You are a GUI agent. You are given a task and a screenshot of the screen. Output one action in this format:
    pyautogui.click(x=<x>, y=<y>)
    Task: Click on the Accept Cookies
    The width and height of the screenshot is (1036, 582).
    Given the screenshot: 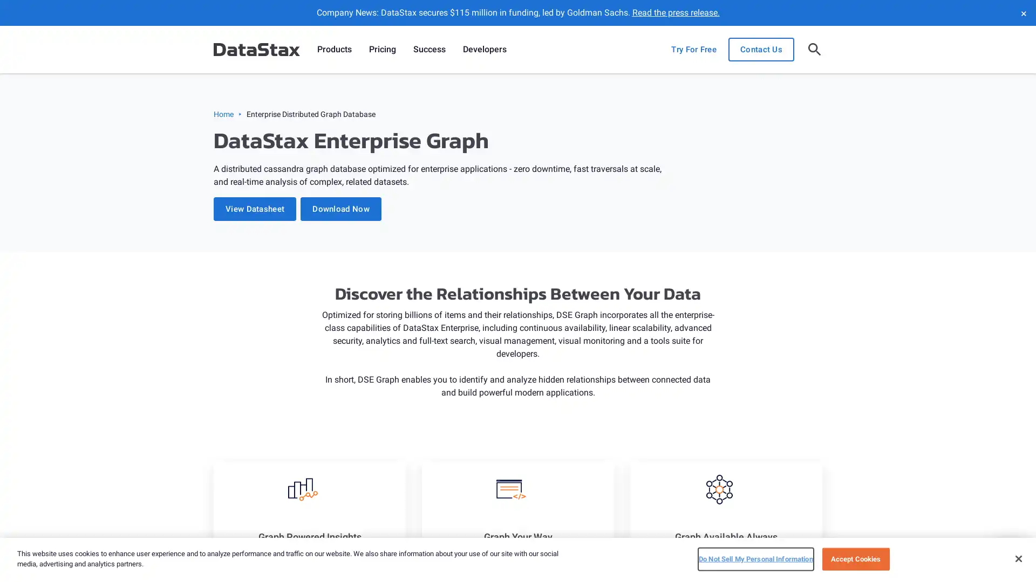 What is the action you would take?
    pyautogui.click(x=855, y=558)
    